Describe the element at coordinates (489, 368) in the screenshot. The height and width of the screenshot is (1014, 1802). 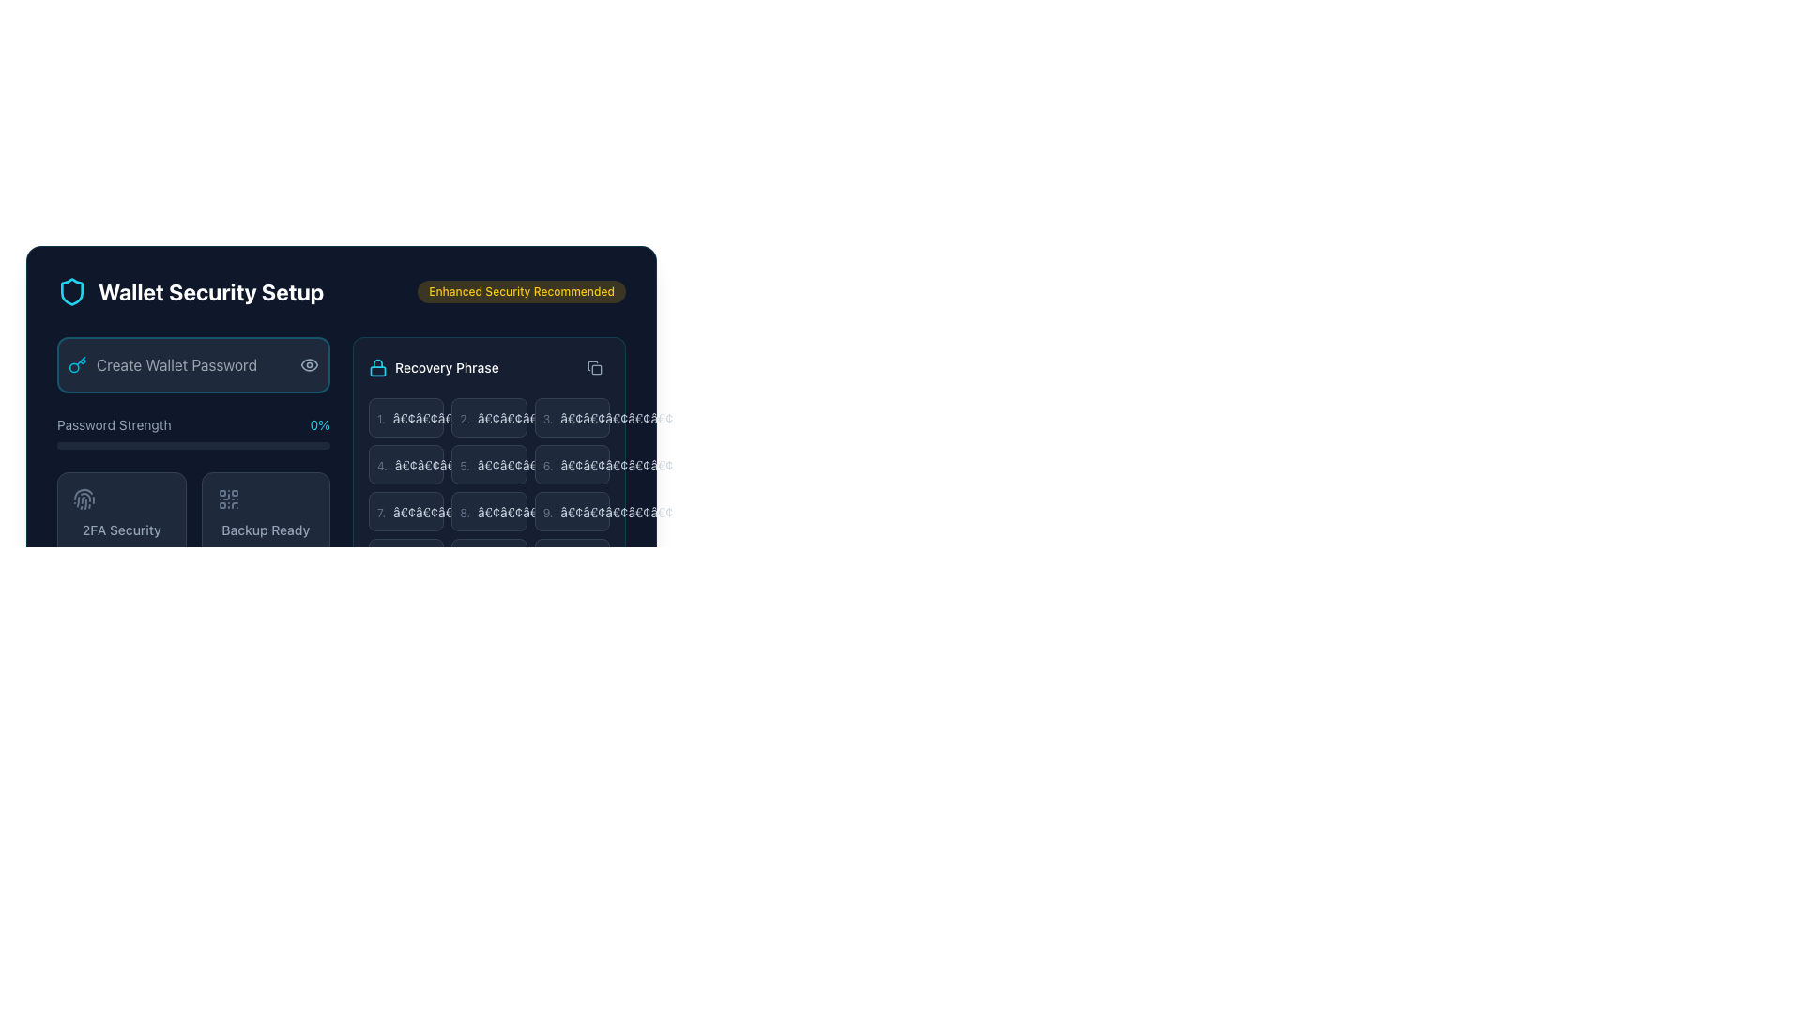
I see `the 'Recovery Phrase' label which displays a lock icon on the left and a copy icon on the right, centrally located in the 'Wallet Security Setup' section` at that location.